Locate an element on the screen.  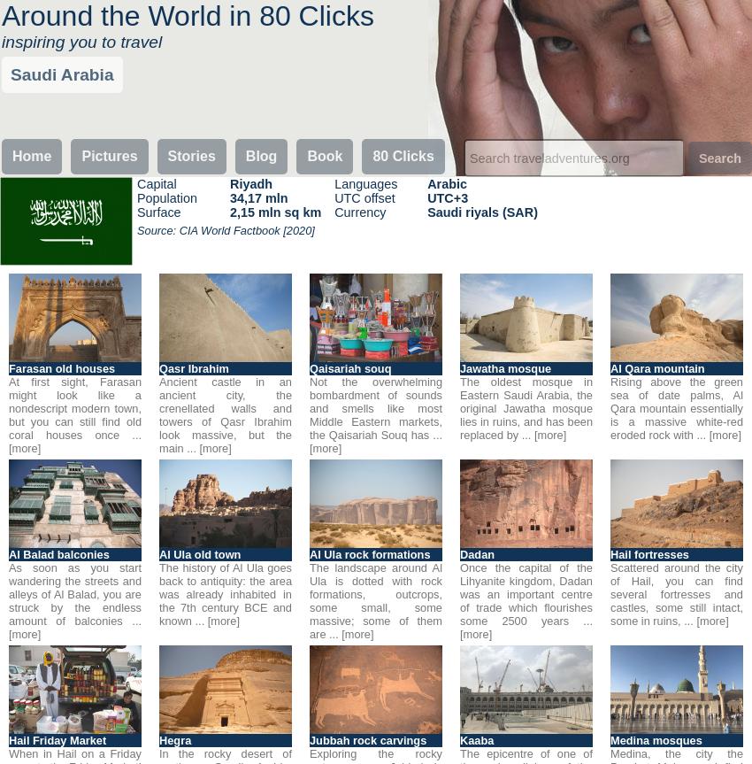
'Al Balad balconies' is located at coordinates (58, 553).